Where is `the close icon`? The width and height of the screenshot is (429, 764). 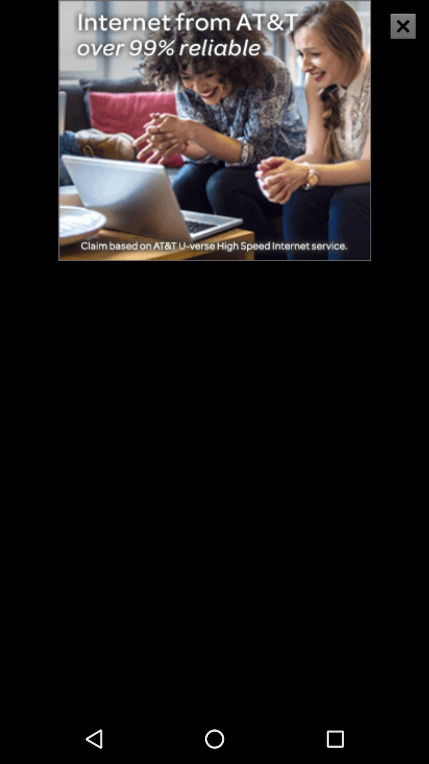
the close icon is located at coordinates (403, 28).